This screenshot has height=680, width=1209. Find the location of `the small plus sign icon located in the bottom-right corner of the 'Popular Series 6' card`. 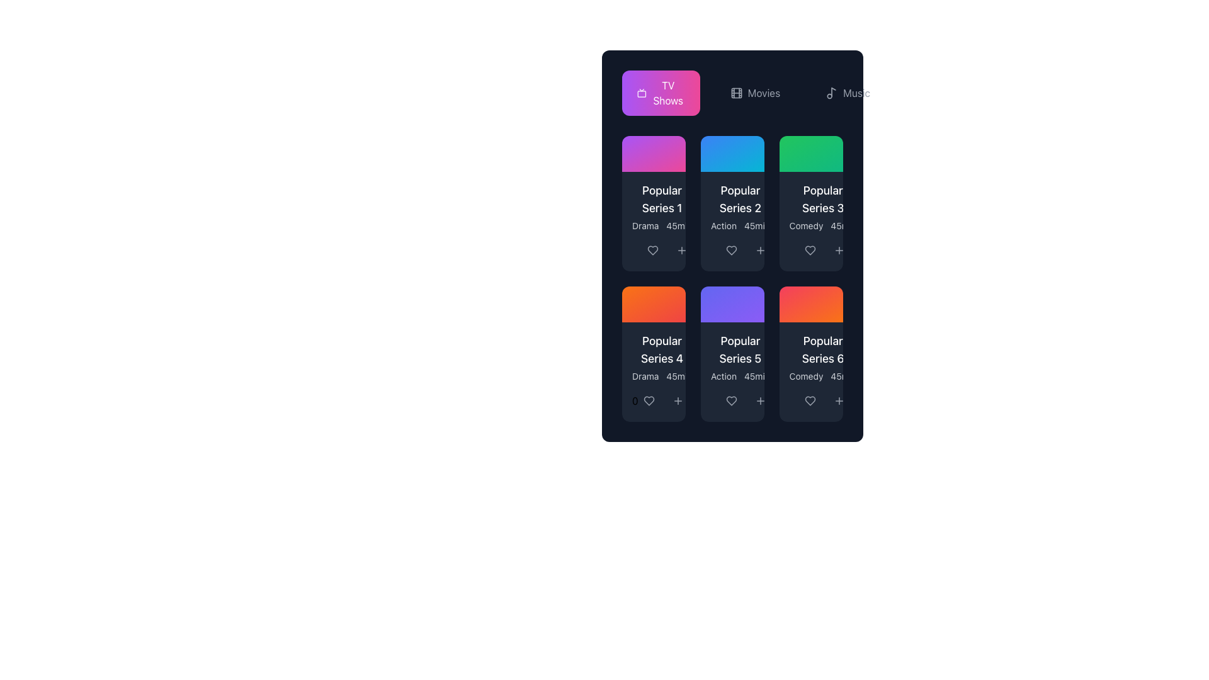

the small plus sign icon located in the bottom-right corner of the 'Popular Series 6' card is located at coordinates (839, 400).